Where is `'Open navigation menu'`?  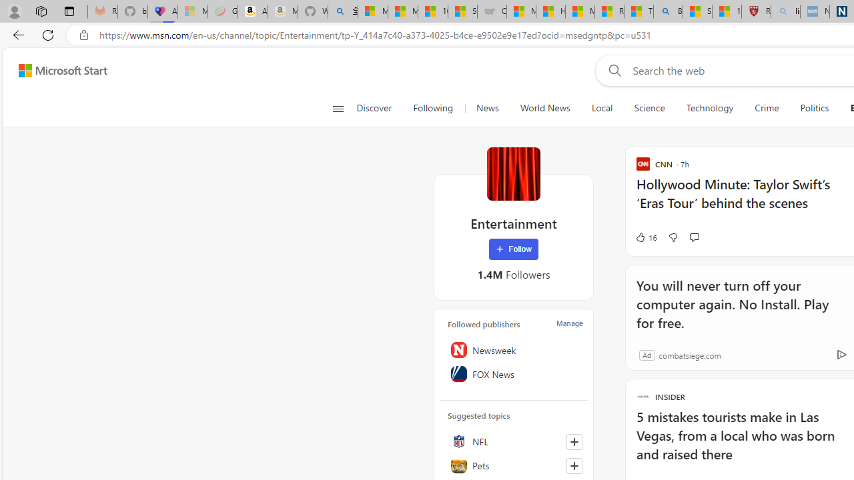
'Open navigation menu' is located at coordinates (338, 108).